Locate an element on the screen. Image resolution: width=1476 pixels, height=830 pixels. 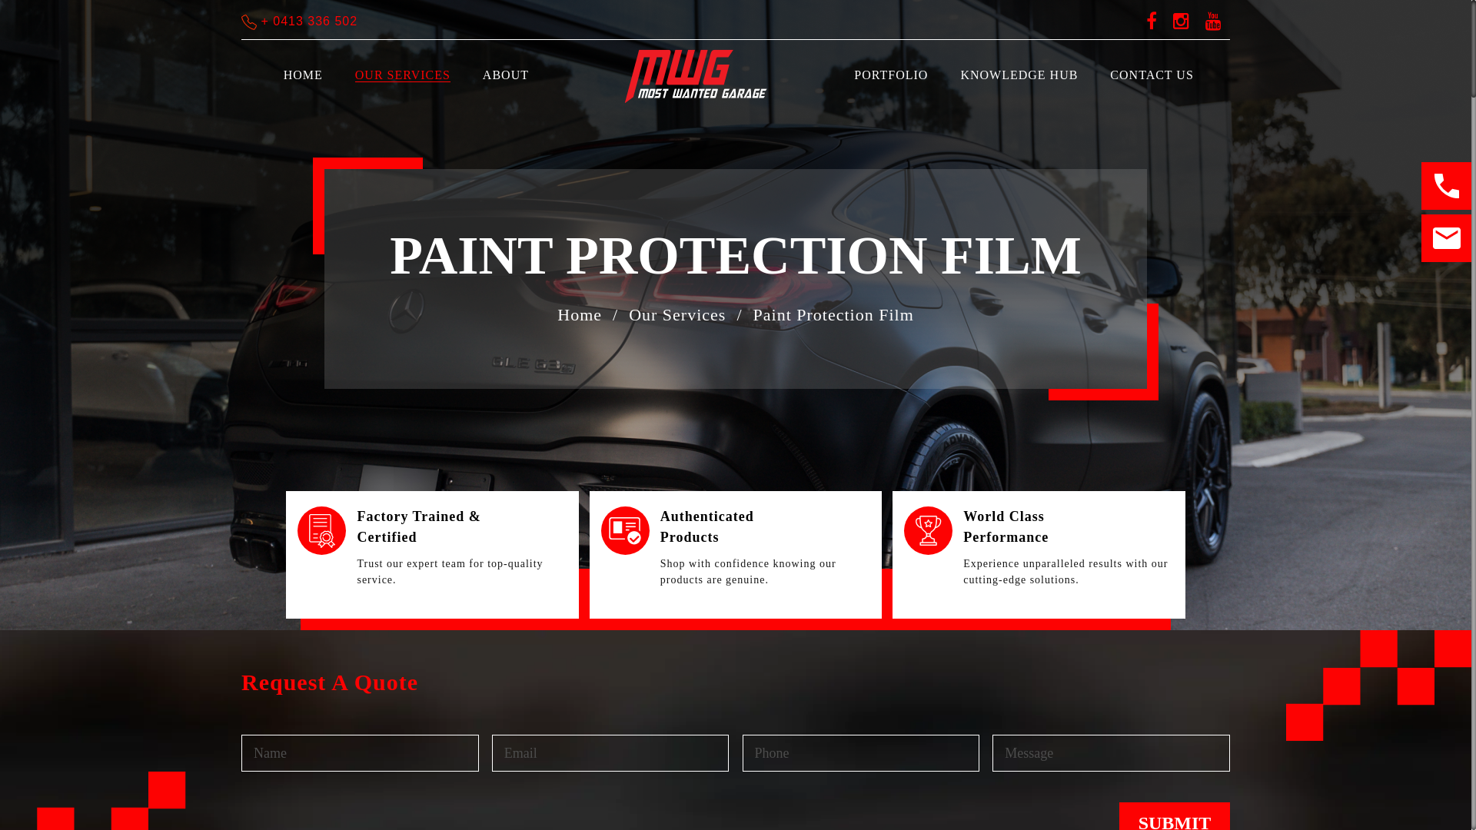
'Home' is located at coordinates (578, 314).